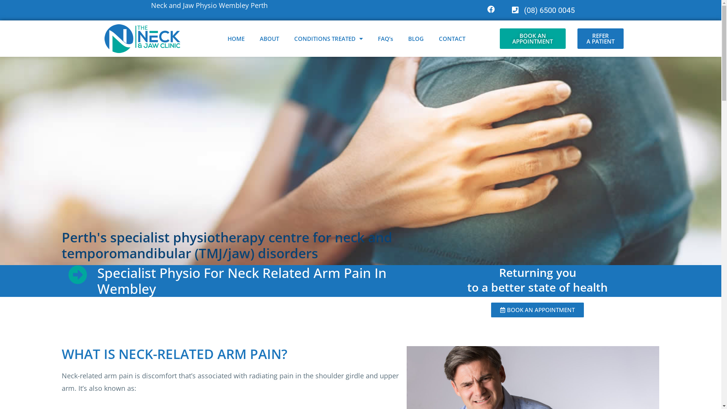 The width and height of the screenshot is (727, 409). I want to click on 'CONTACT', so click(452, 38).